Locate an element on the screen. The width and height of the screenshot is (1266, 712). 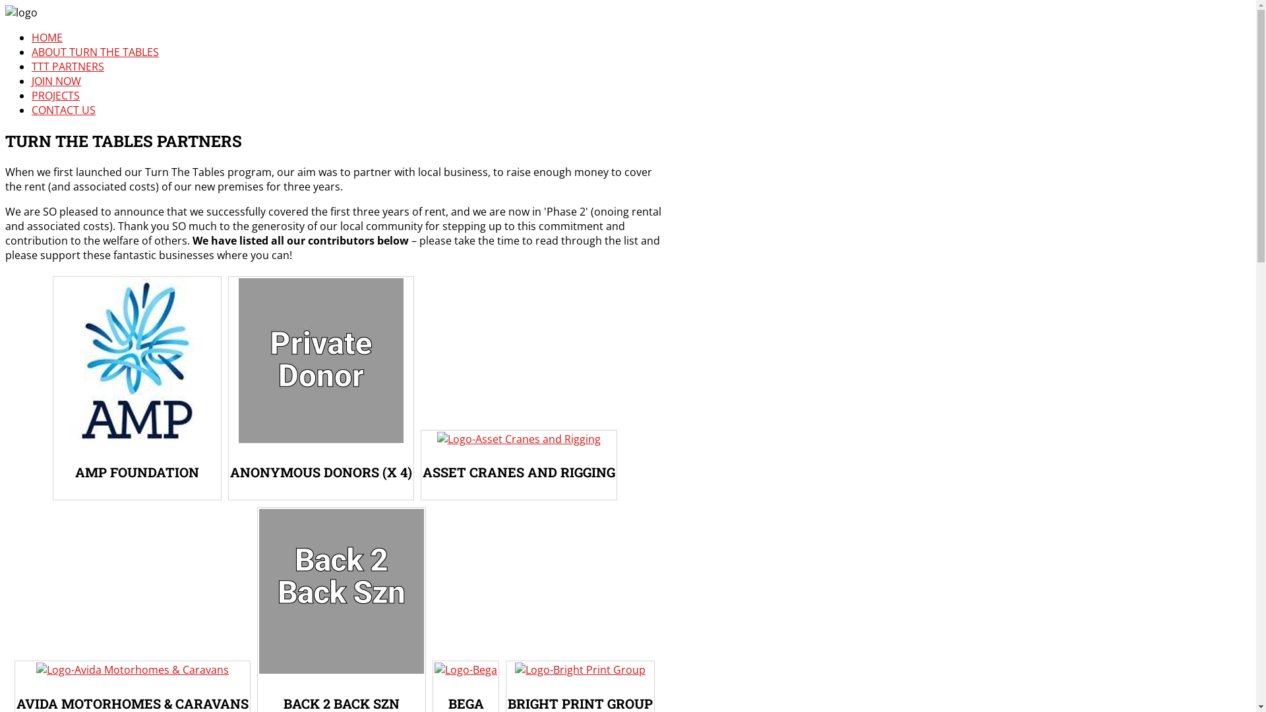
'JOIN NOW' is located at coordinates (55, 81).